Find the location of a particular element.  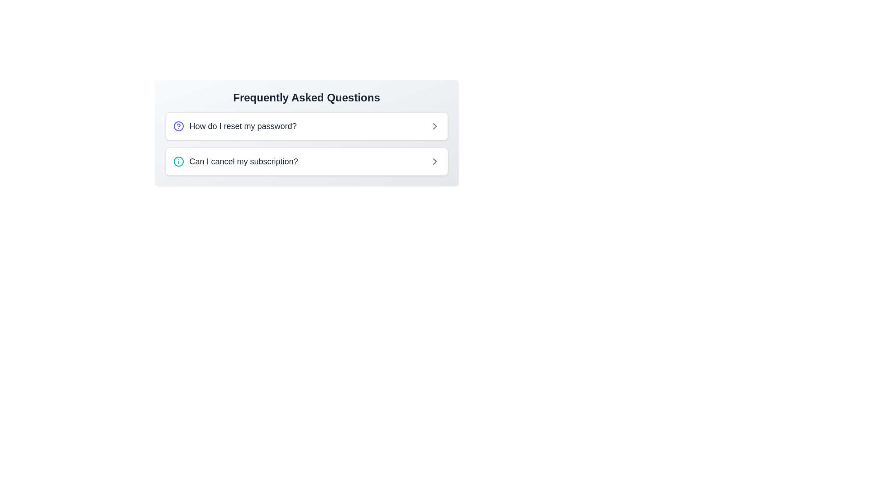

the clickable FAQ item that asks 'Can I cancel my subscription?' is located at coordinates (235, 161).